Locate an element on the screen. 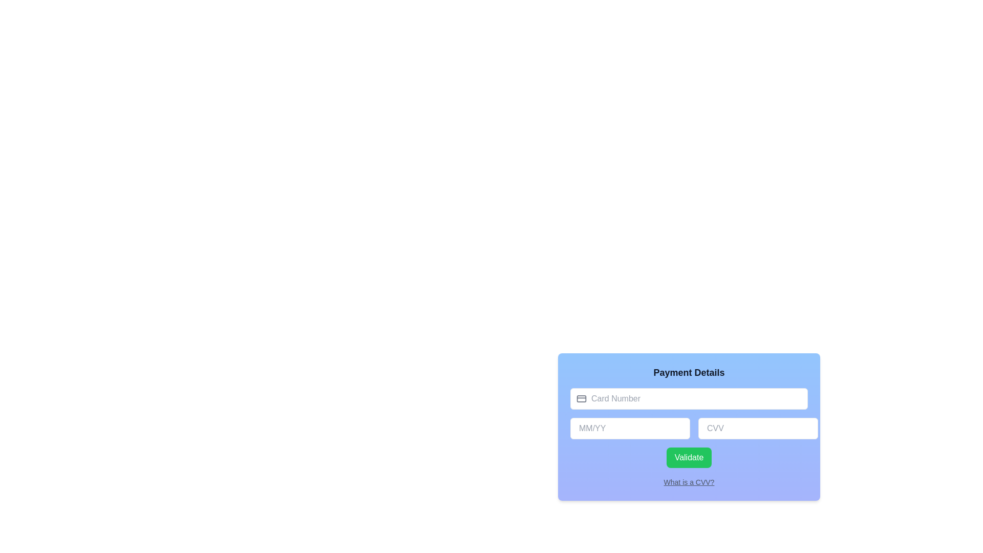 Image resolution: width=983 pixels, height=553 pixels. the CVV input field in the payment section to focus on it is located at coordinates (689, 427).